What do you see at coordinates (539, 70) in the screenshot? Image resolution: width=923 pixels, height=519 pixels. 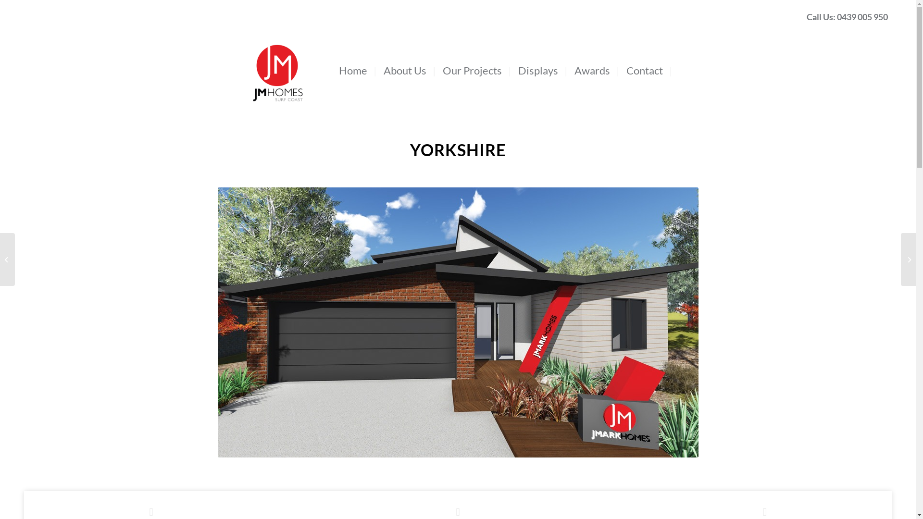 I see `'Displays'` at bounding box center [539, 70].